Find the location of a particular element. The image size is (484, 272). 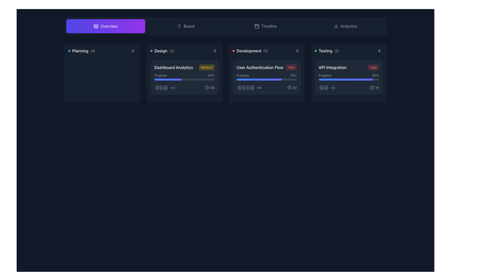

the 'Progress' text label displayed in light gray font located on the left side of the percentage indicator '90%' in the 'Testing' card under the 'API Integration' task is located at coordinates (325, 76).